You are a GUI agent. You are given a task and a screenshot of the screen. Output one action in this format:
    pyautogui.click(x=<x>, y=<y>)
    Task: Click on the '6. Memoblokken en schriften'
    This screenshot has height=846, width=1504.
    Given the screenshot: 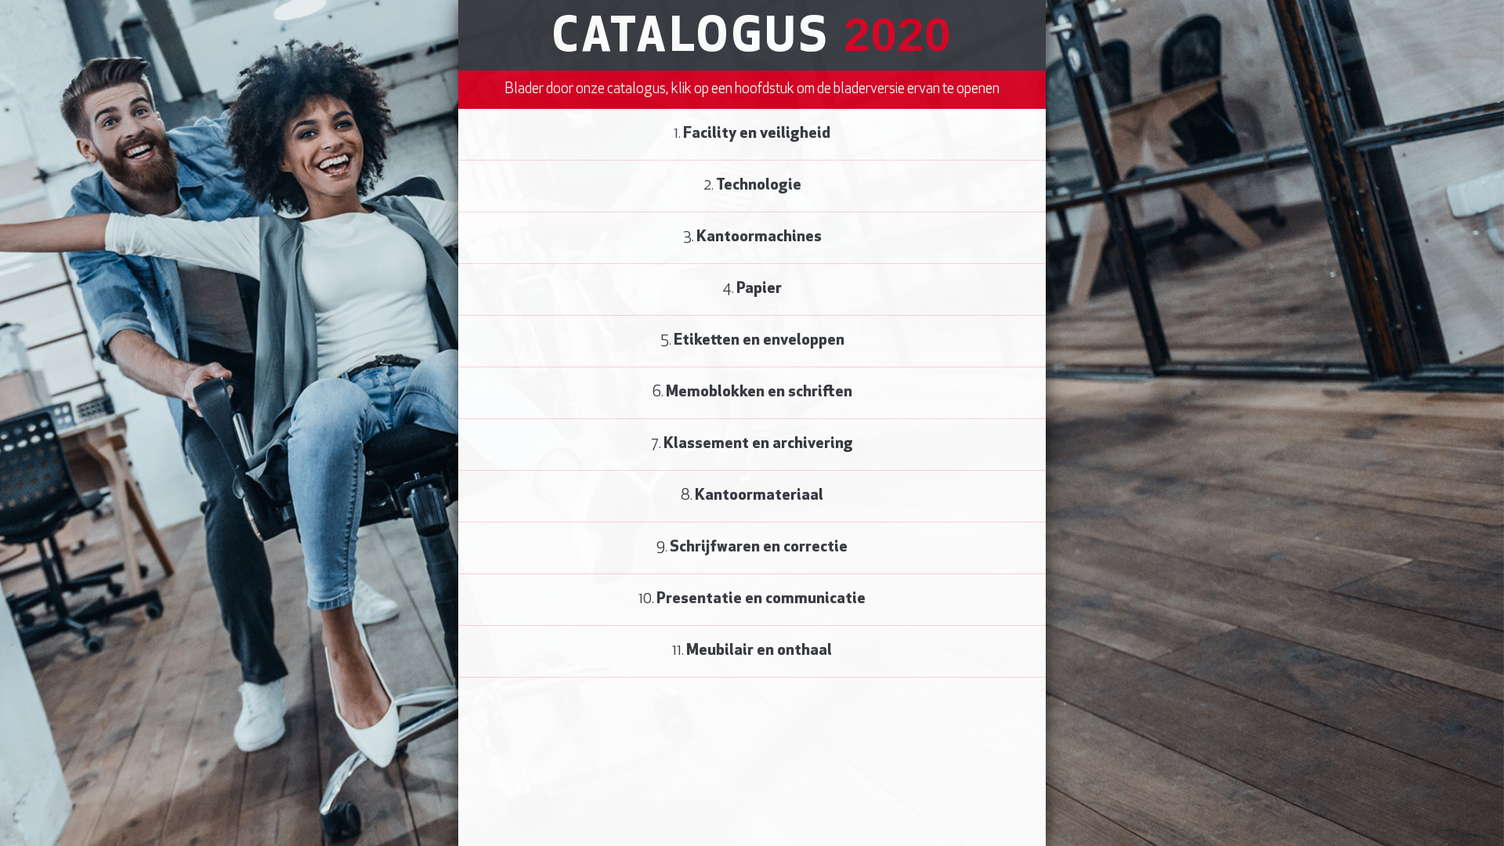 What is the action you would take?
    pyautogui.click(x=752, y=392)
    